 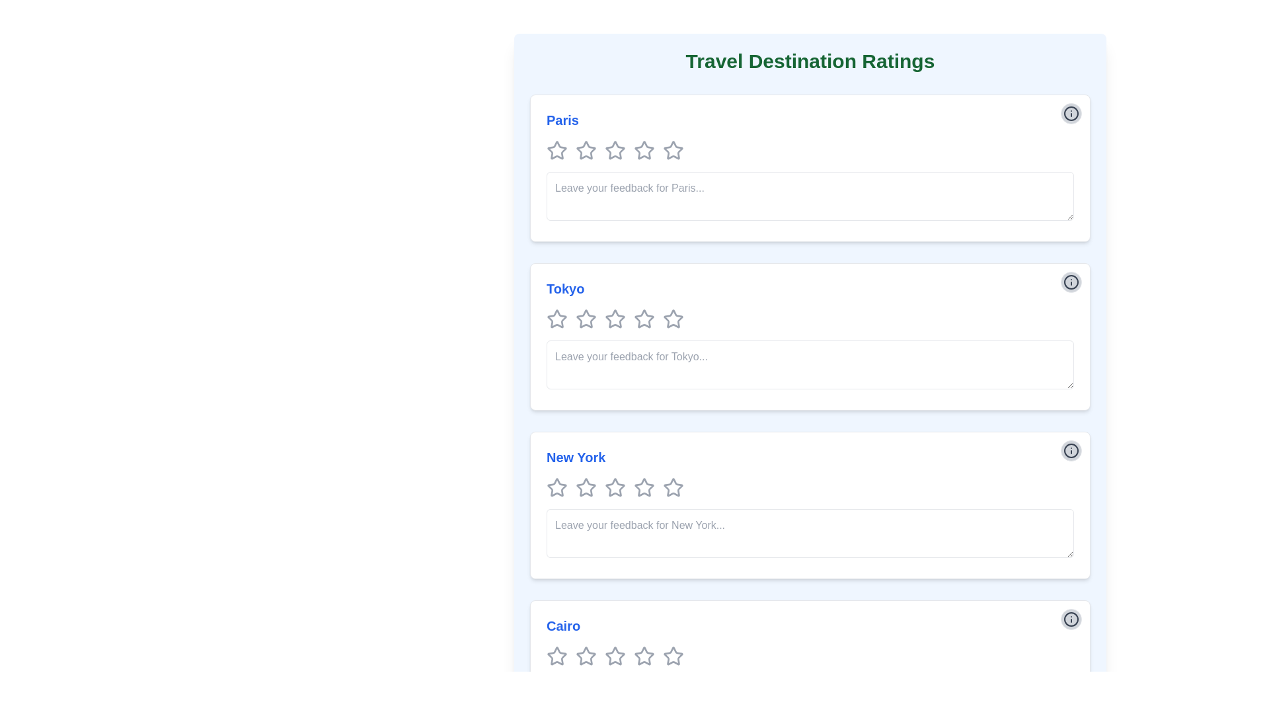 I want to click on the information icon, which is styled as a gray circular button with an 'i' in the center, located in the top-right corner of the 'New York' card, so click(x=1071, y=450).